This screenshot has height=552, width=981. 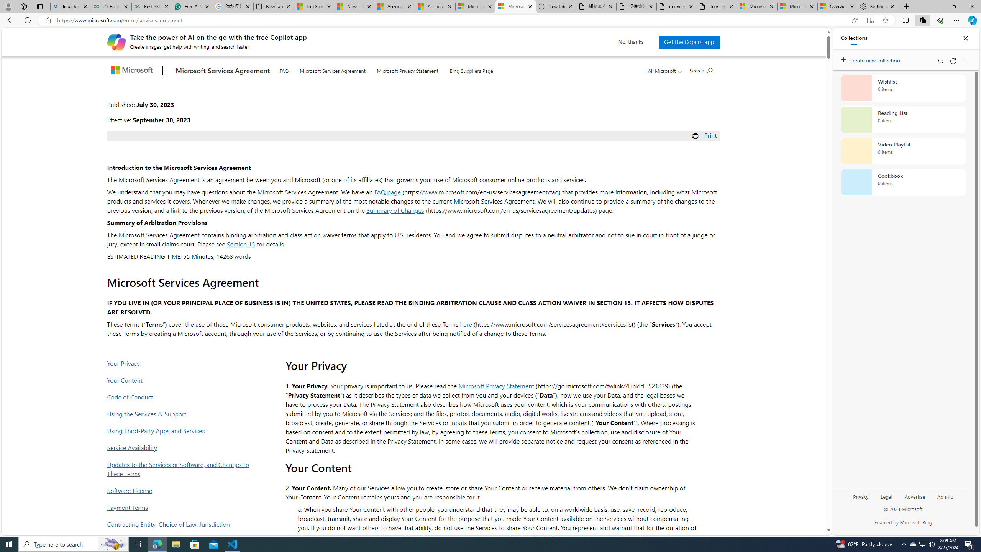 What do you see at coordinates (471, 69) in the screenshot?
I see `'Bing Suppliers Page'` at bounding box center [471, 69].